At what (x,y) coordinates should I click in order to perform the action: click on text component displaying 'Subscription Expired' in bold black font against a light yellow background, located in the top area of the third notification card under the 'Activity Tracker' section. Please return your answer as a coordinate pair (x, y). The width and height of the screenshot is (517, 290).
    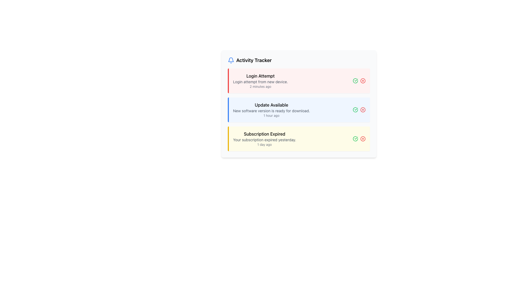
    Looking at the image, I should click on (264, 133).